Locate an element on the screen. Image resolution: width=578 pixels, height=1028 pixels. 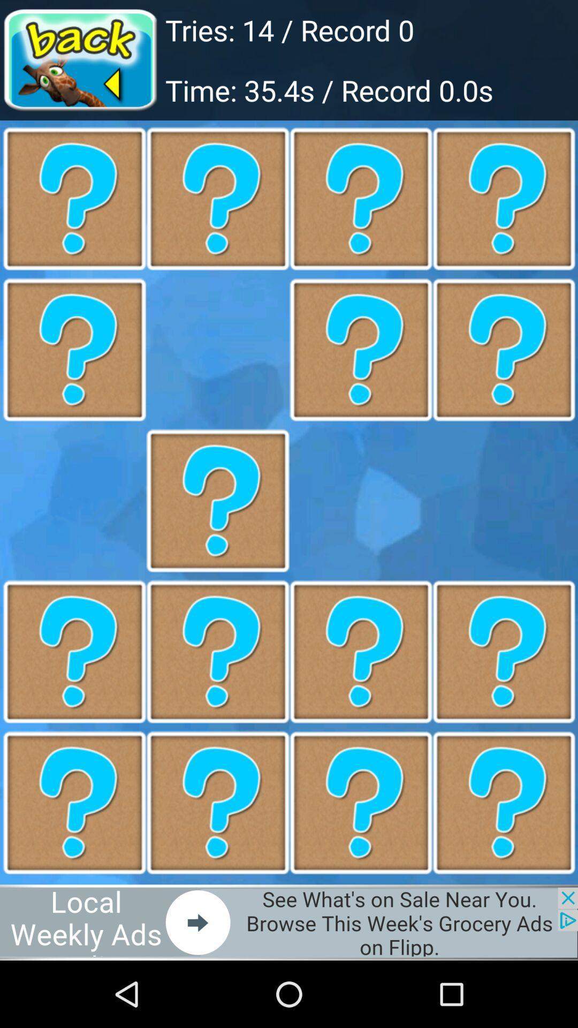
engage the advertisement open the website flipp is located at coordinates (289, 922).